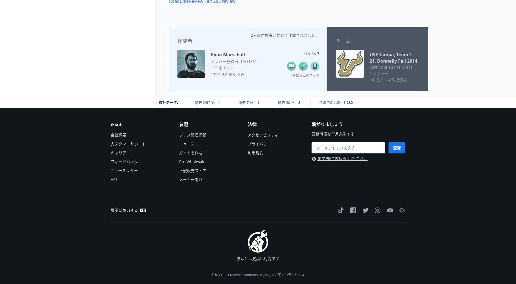  What do you see at coordinates (228, 74) in the screenshot?
I see `'1ガイドが承認済み'` at bounding box center [228, 74].